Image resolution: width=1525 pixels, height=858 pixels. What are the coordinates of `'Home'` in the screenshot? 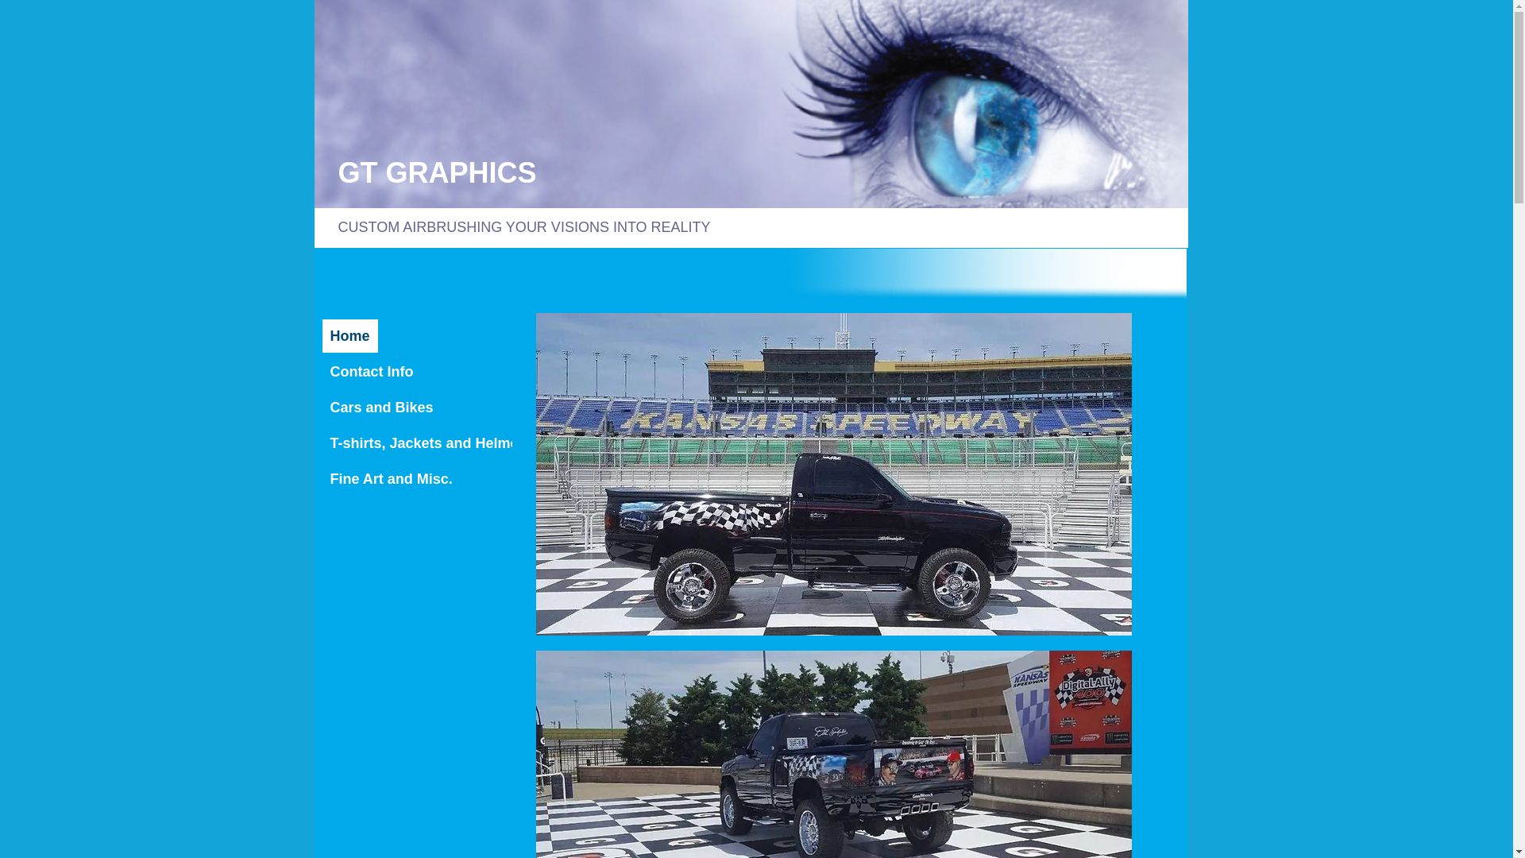 It's located at (349, 335).